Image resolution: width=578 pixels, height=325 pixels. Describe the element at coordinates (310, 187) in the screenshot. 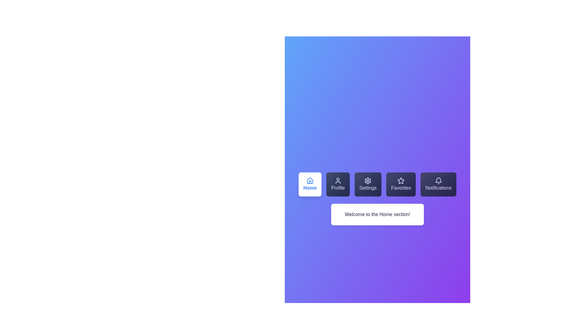

I see `the 'Home' button which contains the text label 'Home'` at that location.